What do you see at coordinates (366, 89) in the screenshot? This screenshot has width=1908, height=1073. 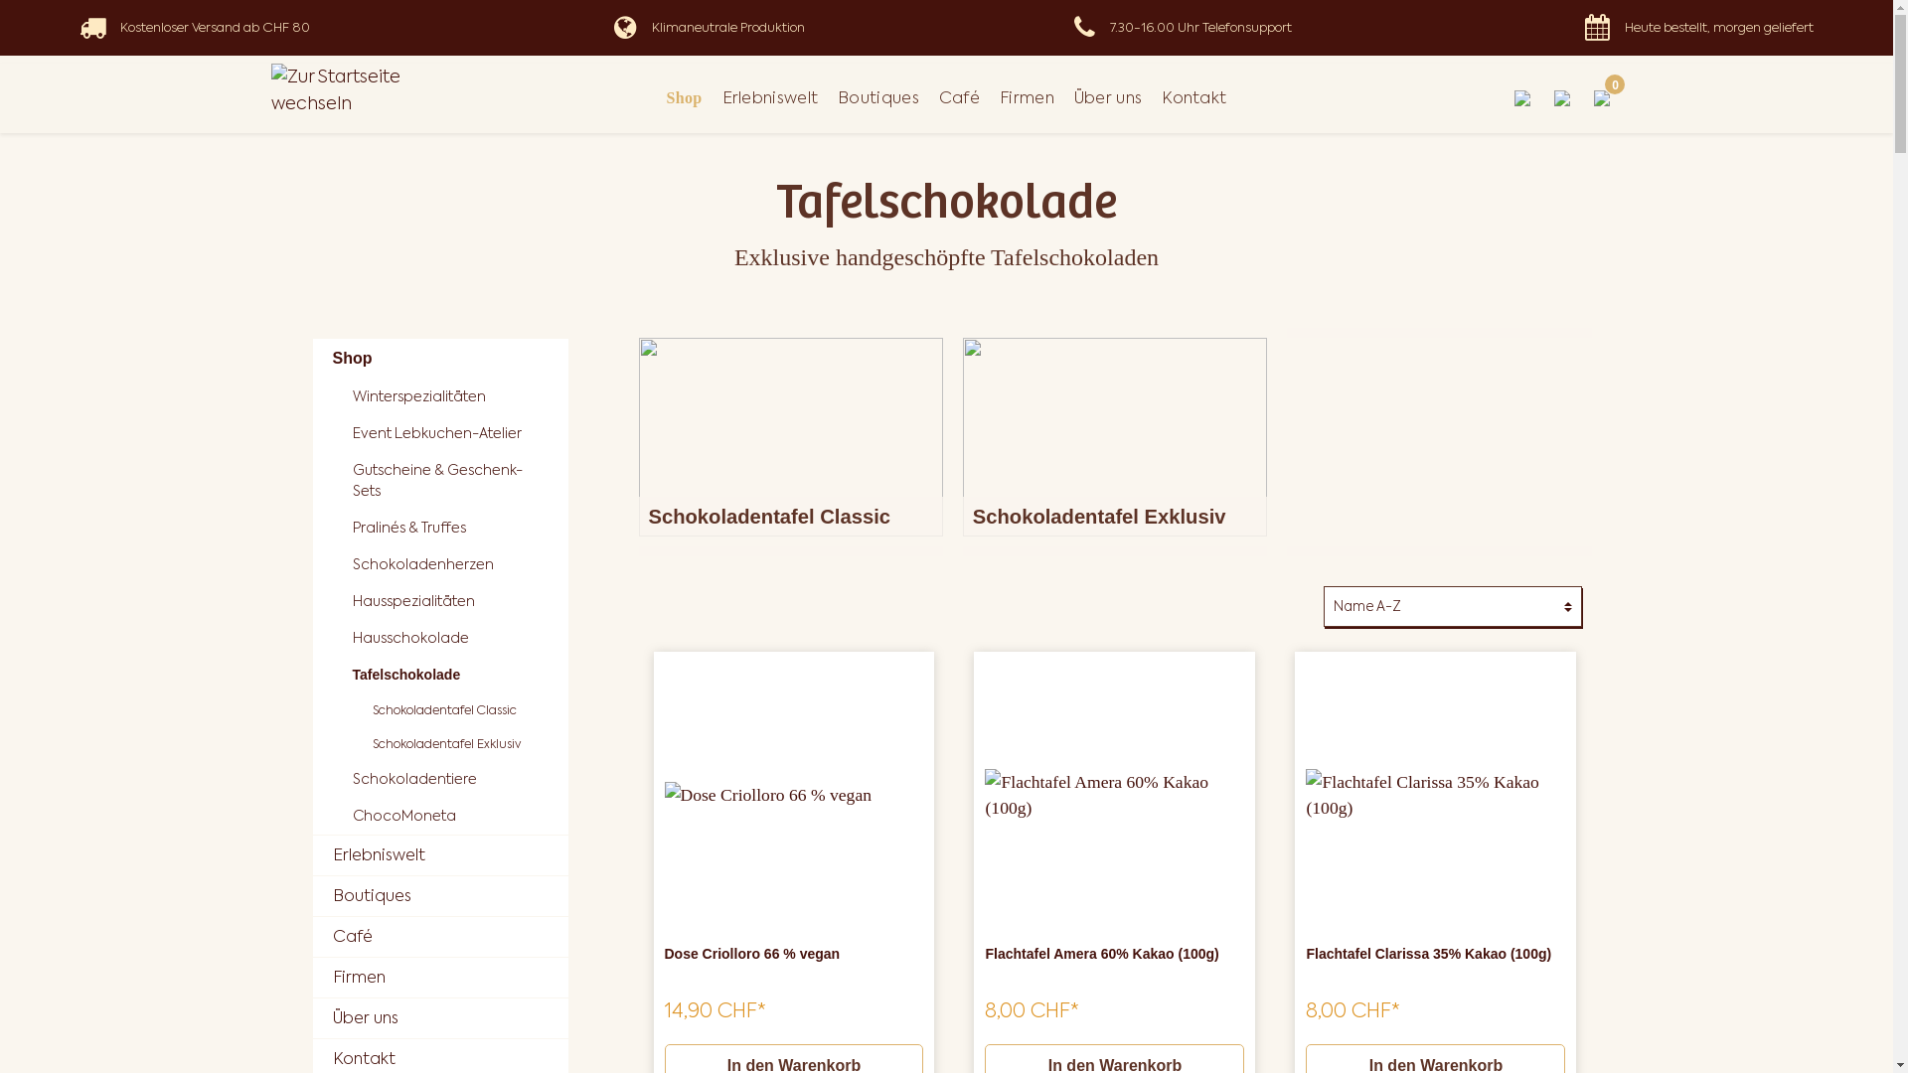 I see `'Zur Startseite wechseln'` at bounding box center [366, 89].